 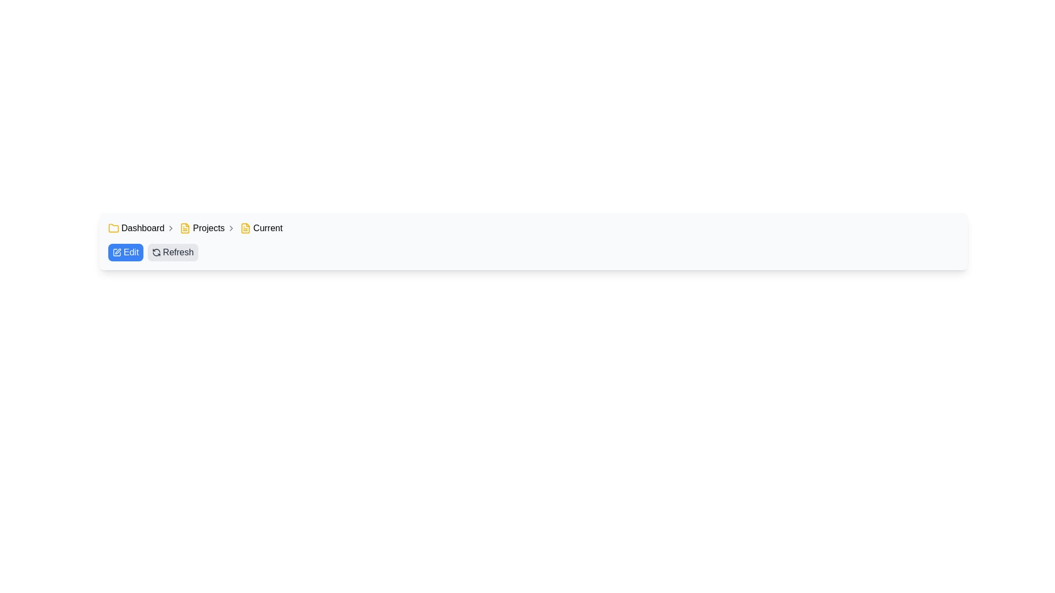 What do you see at coordinates (125, 252) in the screenshot?
I see `the blue button labeled 'Edit' with a pen icon, located to the left of the 'Refresh' button in the breadcrumb navigation bar` at bounding box center [125, 252].